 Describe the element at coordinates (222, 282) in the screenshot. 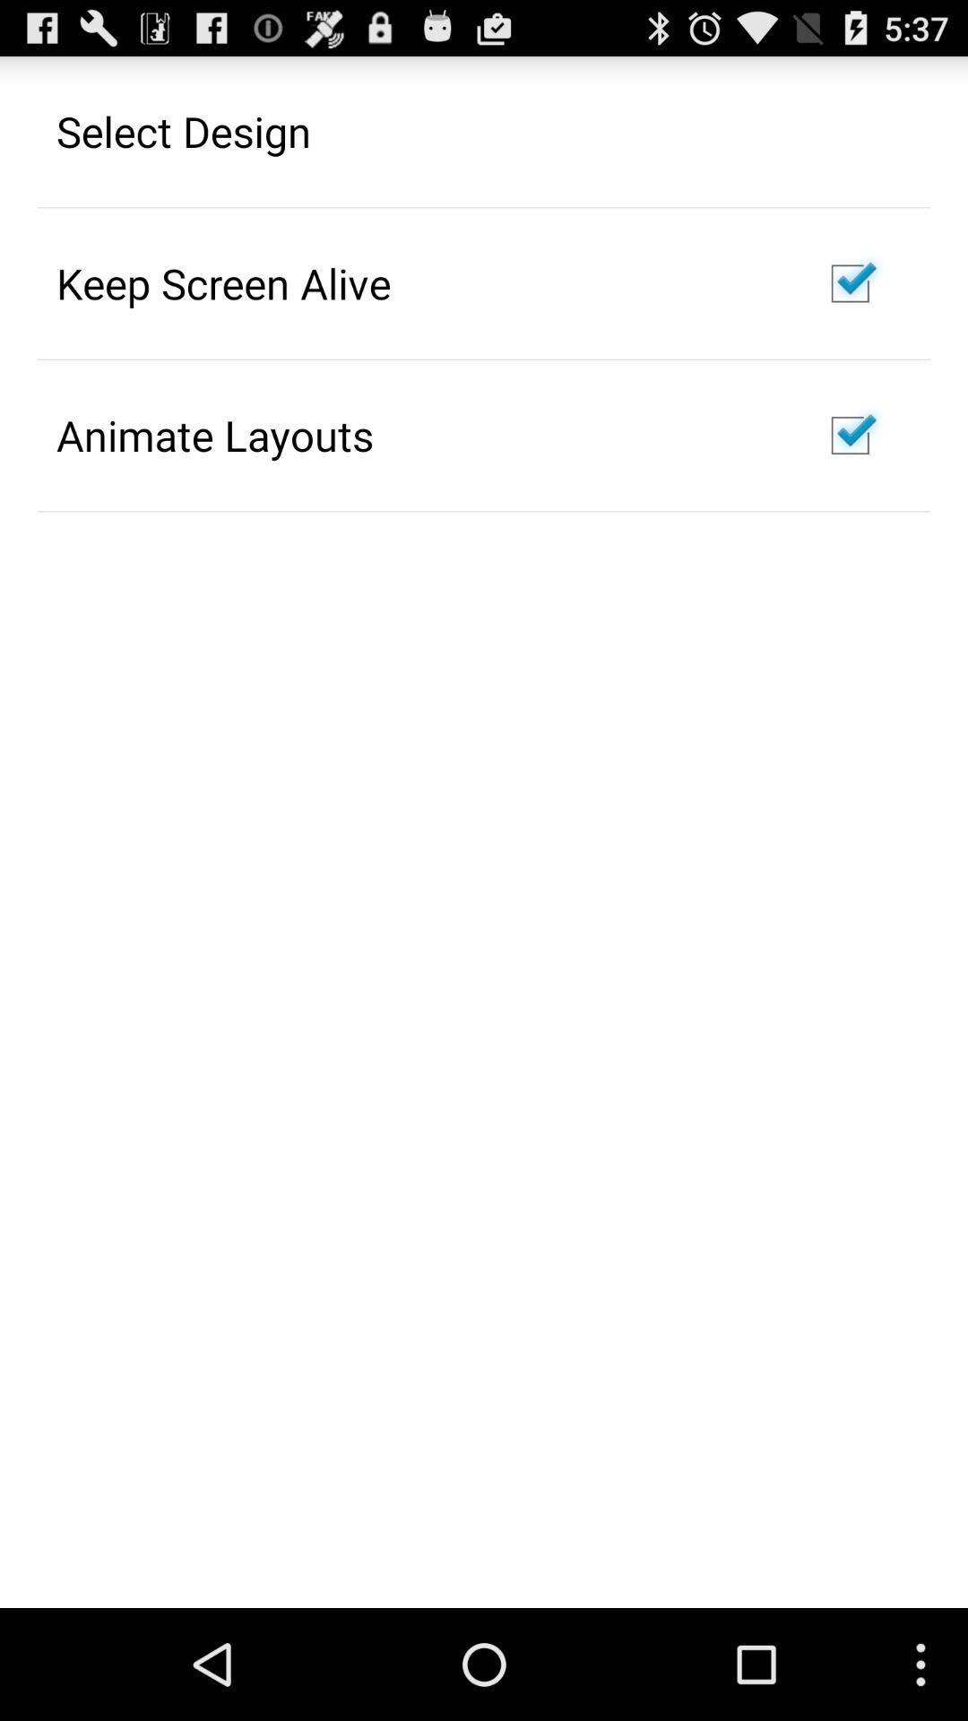

I see `keep screen alive icon` at that location.